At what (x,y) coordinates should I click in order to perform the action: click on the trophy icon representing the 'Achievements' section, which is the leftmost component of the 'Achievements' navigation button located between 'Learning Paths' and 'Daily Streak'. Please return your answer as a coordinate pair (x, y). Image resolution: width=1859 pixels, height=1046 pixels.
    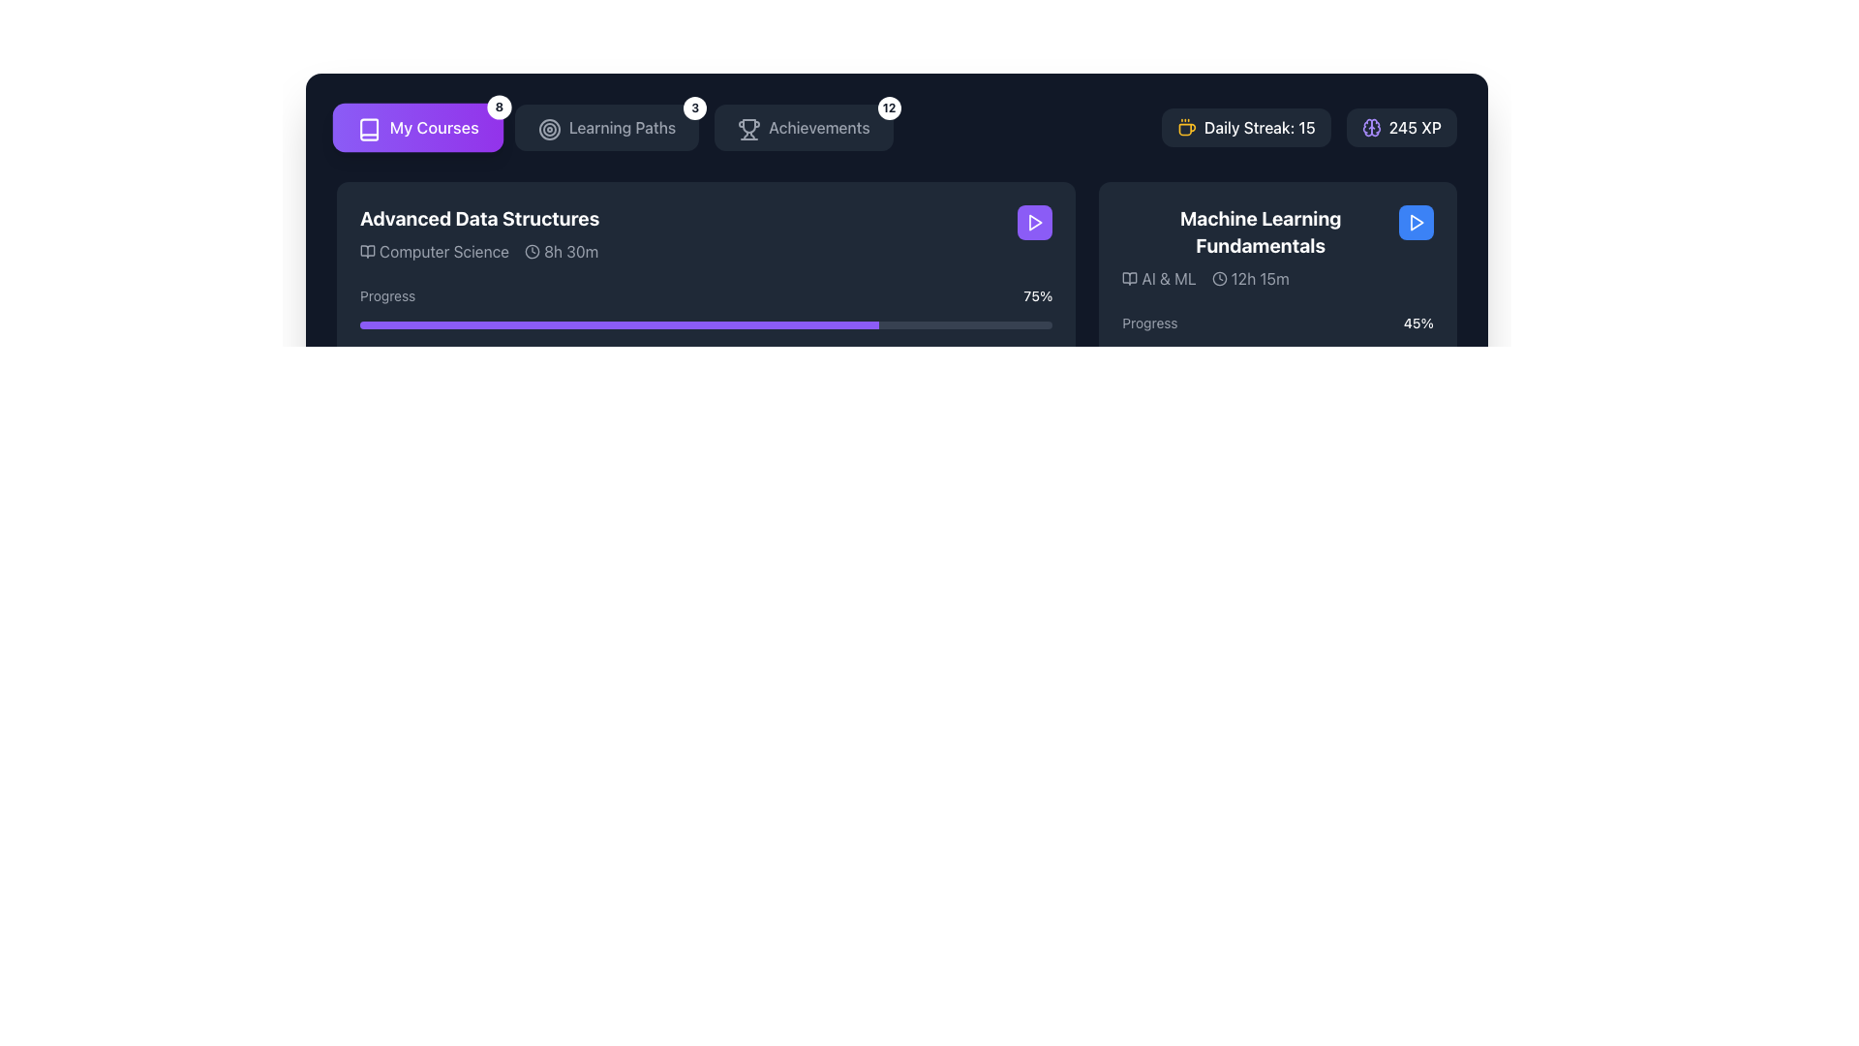
    Looking at the image, I should click on (747, 127).